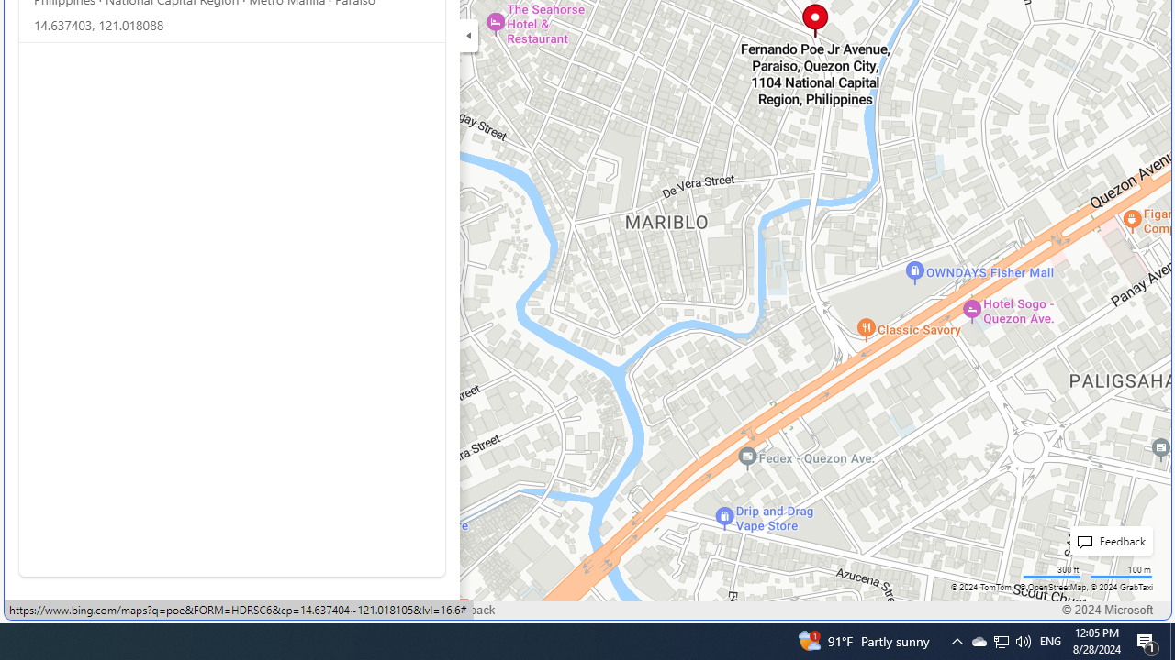 The height and width of the screenshot is (660, 1175). What do you see at coordinates (468, 35) in the screenshot?
I see `'Expand/Collapse Cards'` at bounding box center [468, 35].